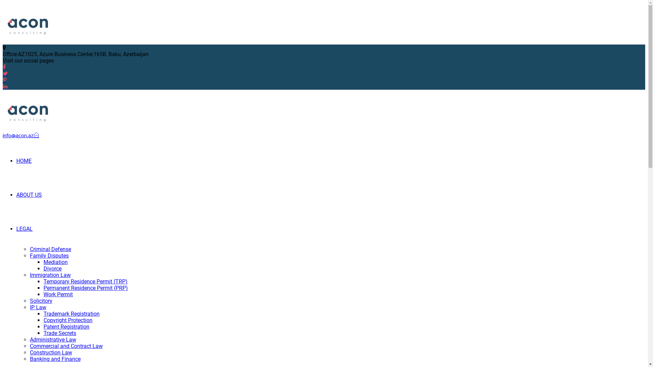  Describe the element at coordinates (50, 352) in the screenshot. I see `'Construction Law'` at that location.